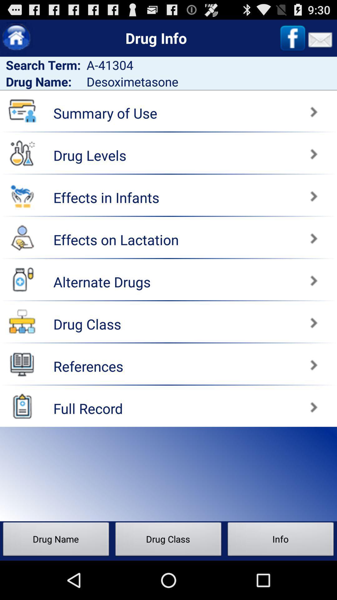  What do you see at coordinates (254, 277) in the screenshot?
I see `open alternate drugs` at bounding box center [254, 277].